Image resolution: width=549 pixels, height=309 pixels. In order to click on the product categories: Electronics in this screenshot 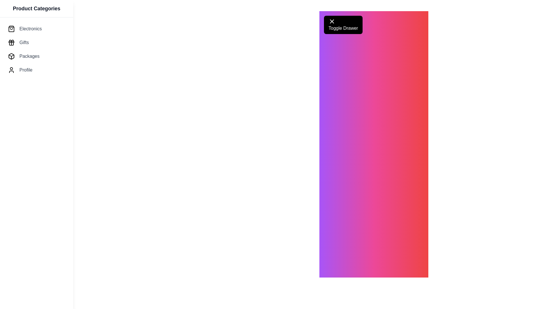, I will do `click(36, 29)`.